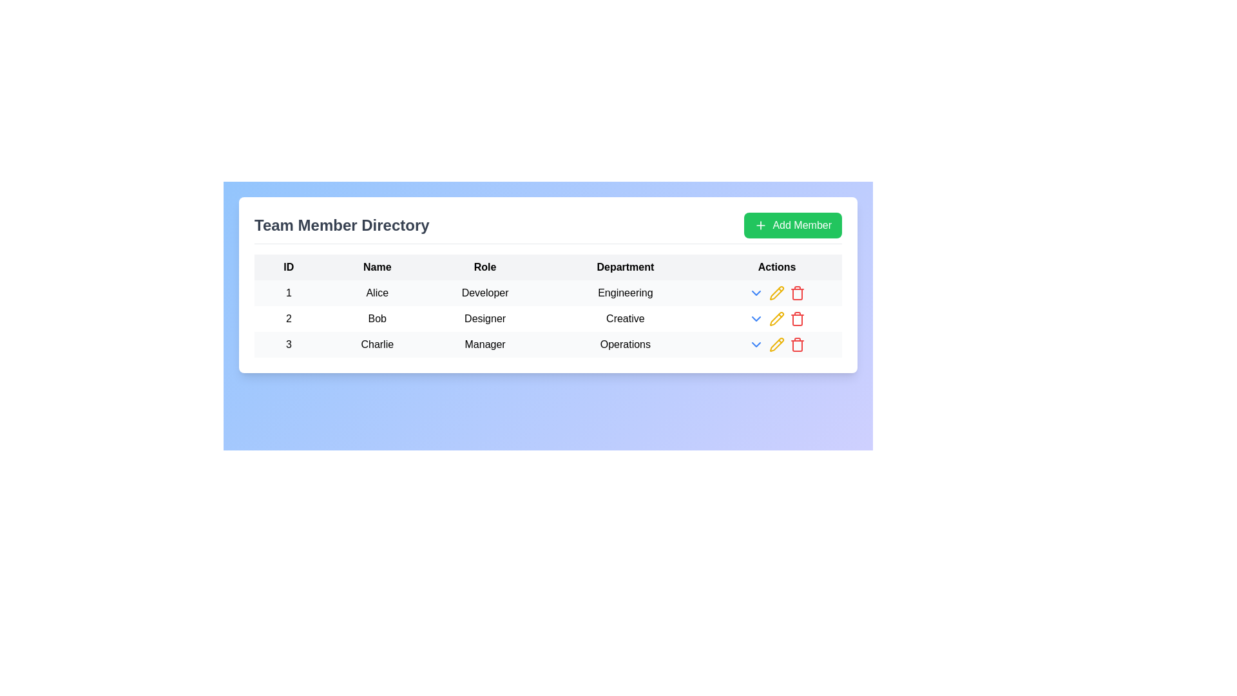 This screenshot has height=696, width=1237. What do you see at coordinates (776, 344) in the screenshot?
I see `the edit icon located in the 'Actions' column of the third row in the team members table to initiate editing the associated data` at bounding box center [776, 344].